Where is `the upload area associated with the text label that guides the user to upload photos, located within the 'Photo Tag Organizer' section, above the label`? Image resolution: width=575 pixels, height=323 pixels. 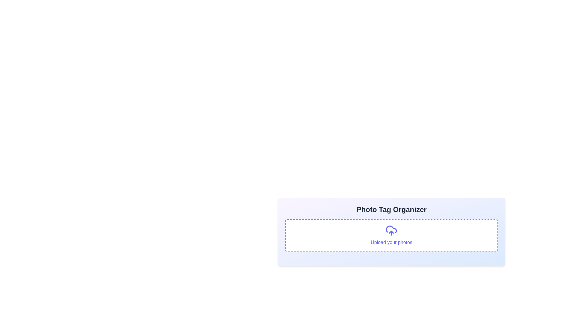
the upload area associated with the text label that guides the user to upload photos, located within the 'Photo Tag Organizer' section, above the label is located at coordinates (391, 235).